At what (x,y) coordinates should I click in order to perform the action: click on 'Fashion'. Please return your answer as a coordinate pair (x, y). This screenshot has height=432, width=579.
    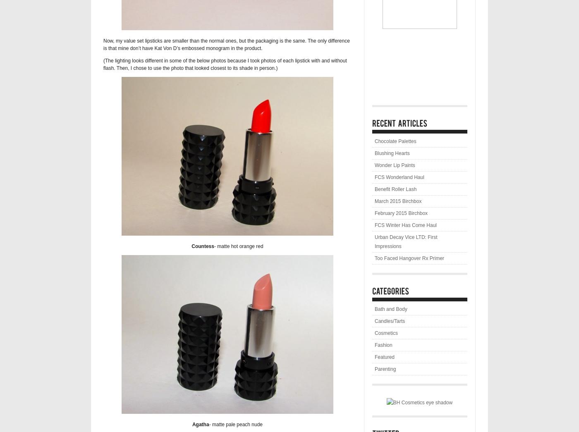
    Looking at the image, I should click on (383, 344).